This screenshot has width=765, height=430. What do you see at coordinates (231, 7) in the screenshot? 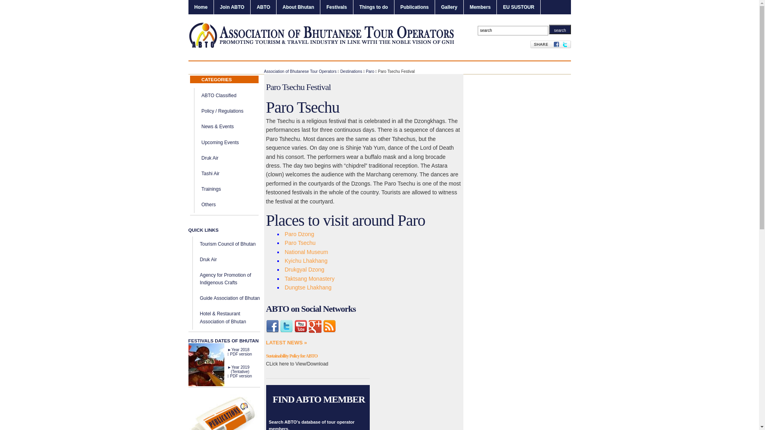
I see `'Join ABTO'` at bounding box center [231, 7].